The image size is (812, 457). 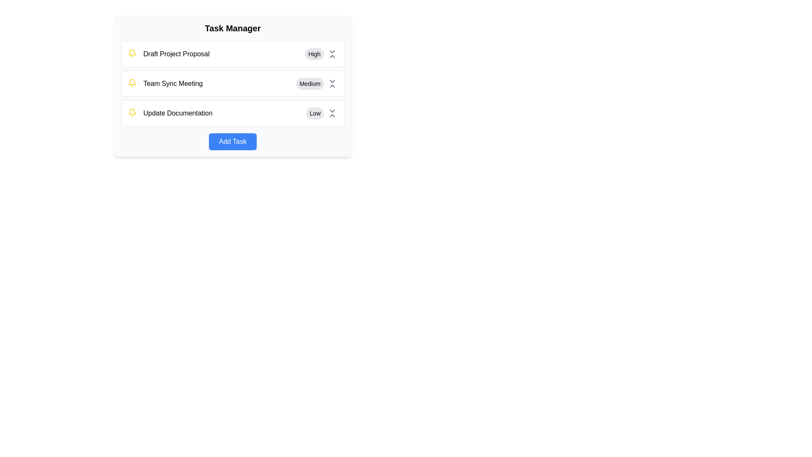 What do you see at coordinates (176, 54) in the screenshot?
I see `the text label that serves as the title for the first task entry, located to the right of a yellow notification icon and to the left of a 'High' priority indicator` at bounding box center [176, 54].